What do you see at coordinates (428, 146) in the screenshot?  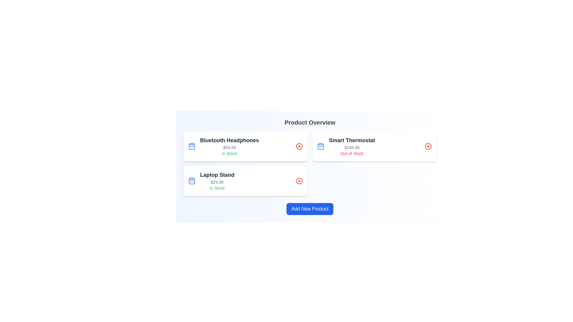 I see `remove button for the product identified by Smart Thermostat` at bounding box center [428, 146].